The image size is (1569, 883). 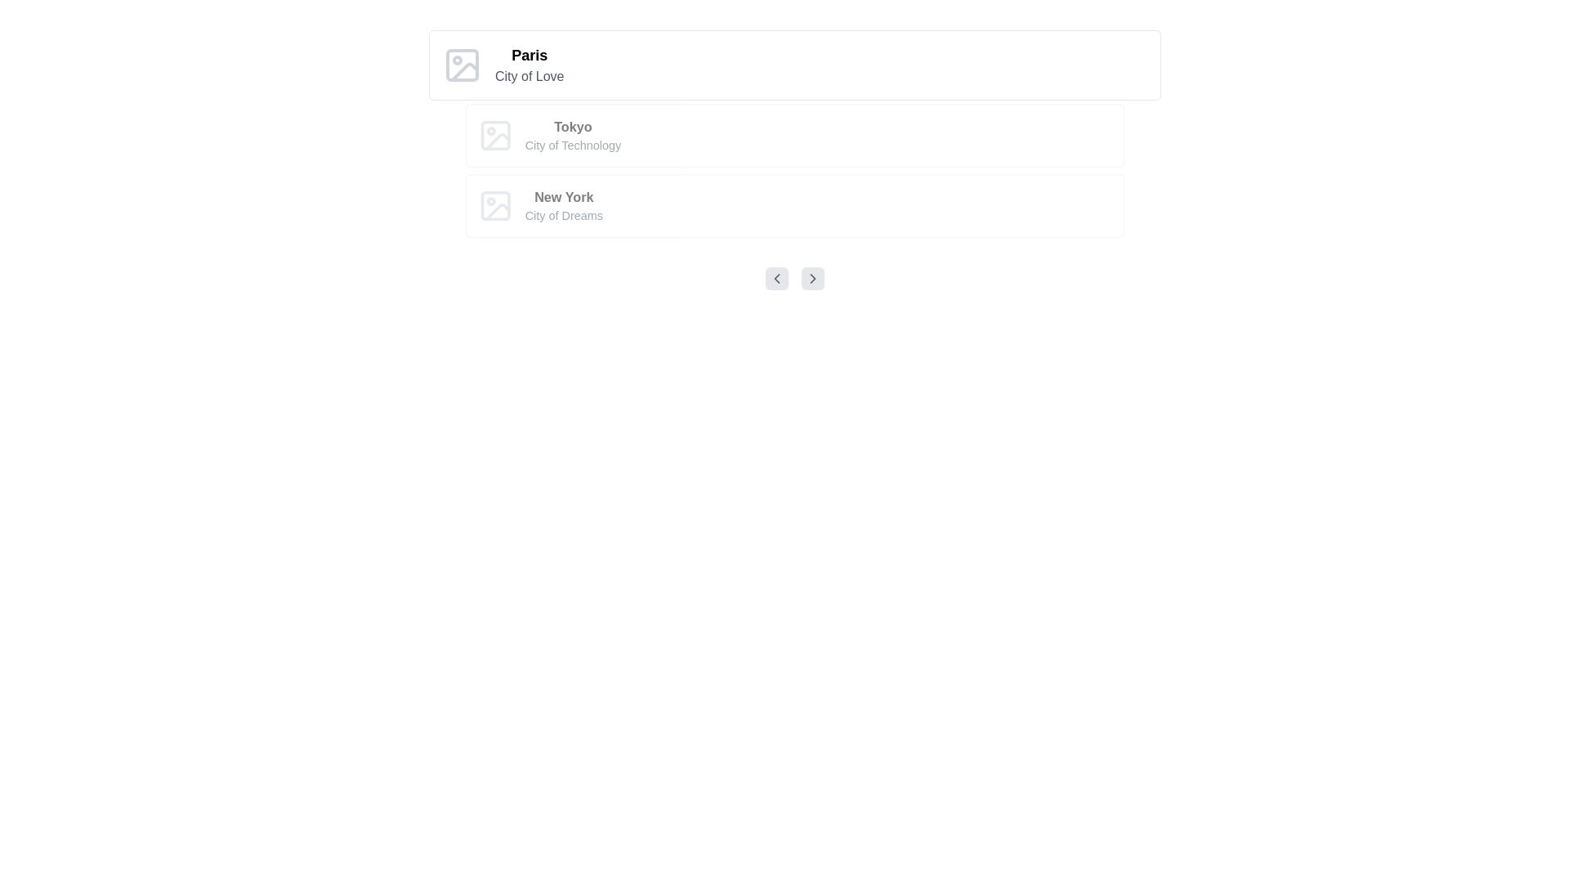 What do you see at coordinates (812, 277) in the screenshot?
I see `the navigational button located at the bottom center of the interface, positioned to the right of a button with a leftward pointing chevron` at bounding box center [812, 277].